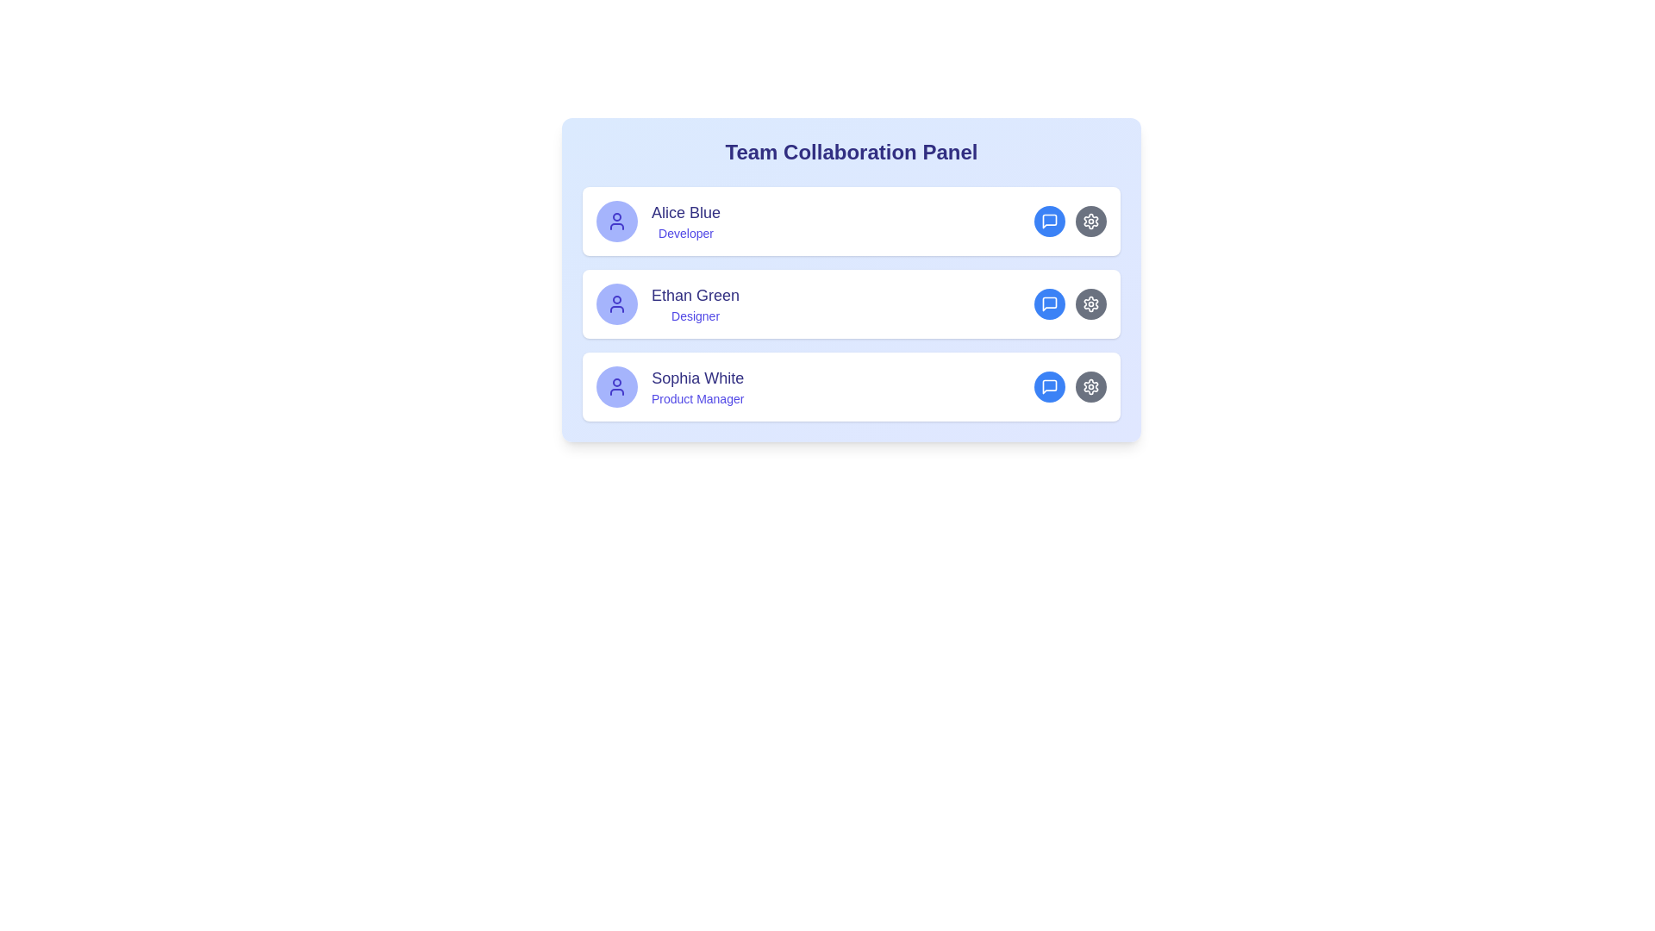 This screenshot has width=1655, height=931. Describe the element at coordinates (685, 211) in the screenshot. I see `the text label 'Alice Blue' which identifies the user profile, located at the top of the user profile card` at that location.